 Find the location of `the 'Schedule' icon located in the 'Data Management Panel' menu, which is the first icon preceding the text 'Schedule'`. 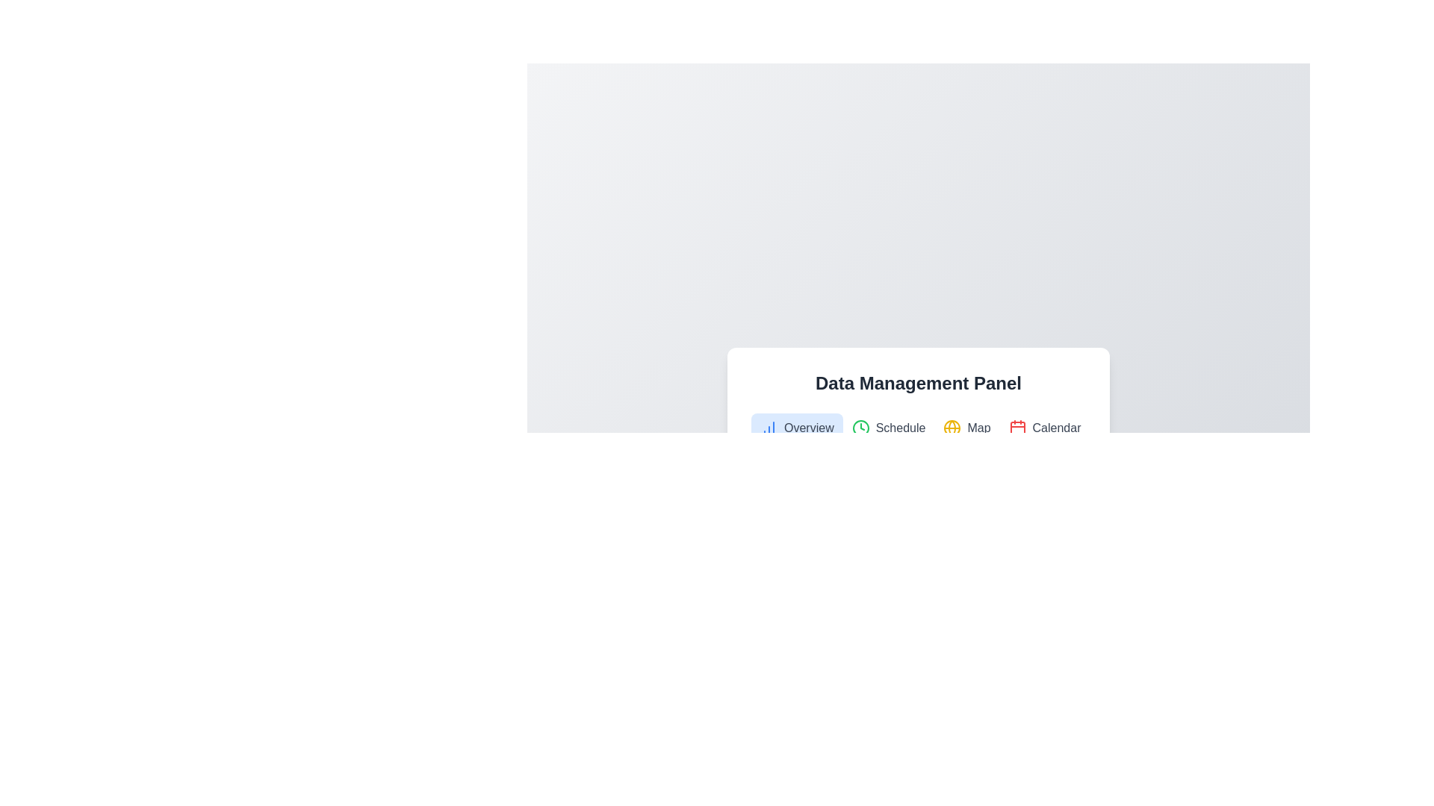

the 'Schedule' icon located in the 'Data Management Panel' menu, which is the first icon preceding the text 'Schedule' is located at coordinates (860, 428).